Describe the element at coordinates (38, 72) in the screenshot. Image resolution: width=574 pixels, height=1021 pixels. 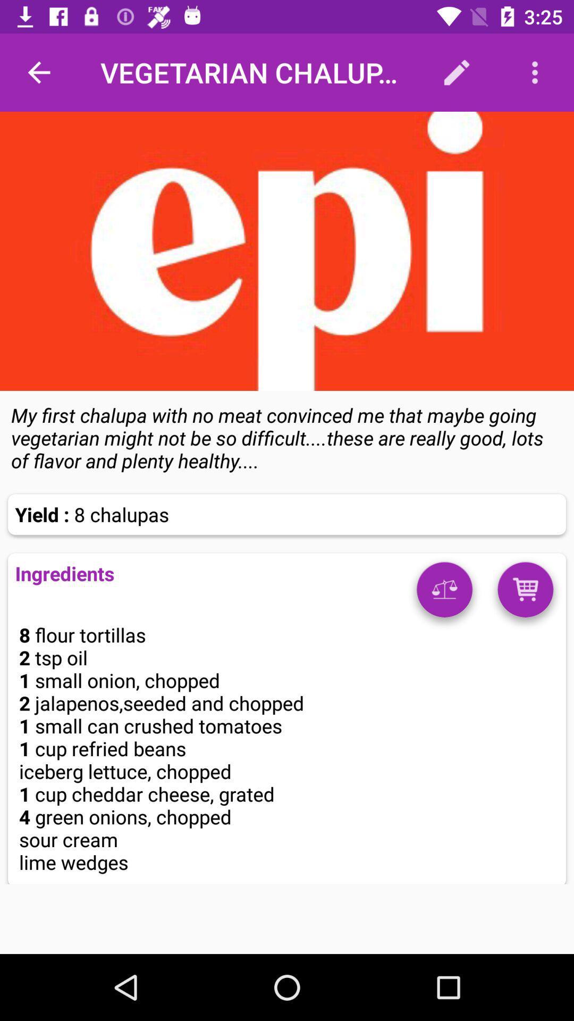
I see `the item next to the vegetarian chalupas` at that location.